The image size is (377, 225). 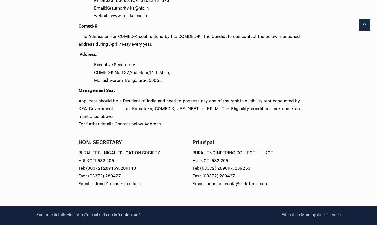 I want to click on 'Malleshwaram  Bengaluru-560055.', so click(x=120, y=80).